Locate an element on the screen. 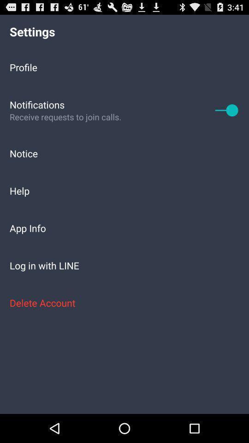 The width and height of the screenshot is (249, 443). the log in with item is located at coordinates (125, 265).